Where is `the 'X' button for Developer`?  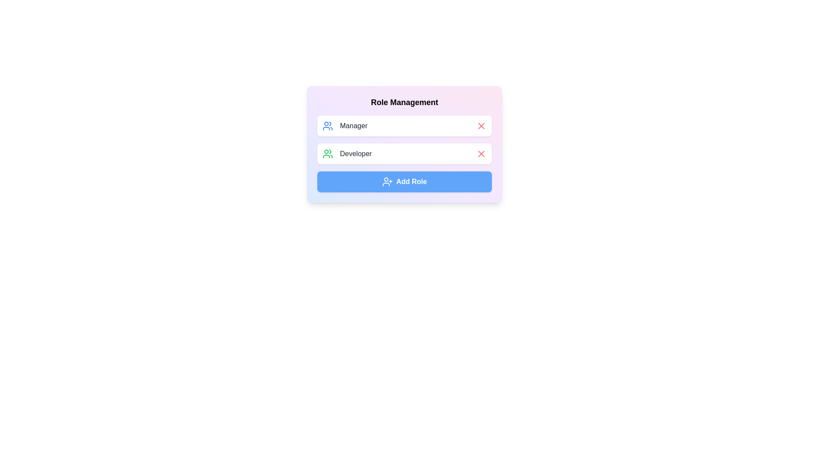 the 'X' button for Developer is located at coordinates (481, 154).